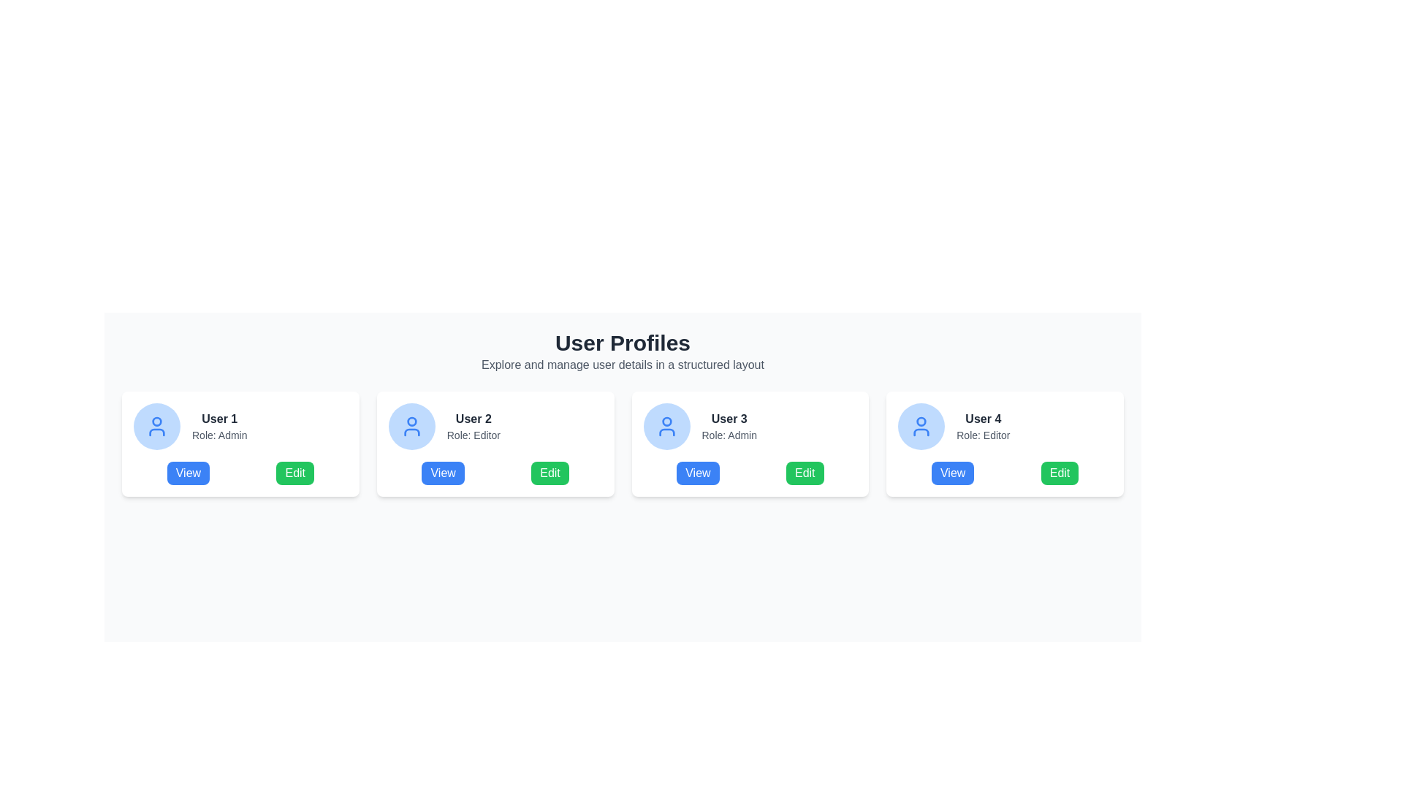 The width and height of the screenshot is (1403, 789). Describe the element at coordinates (218, 419) in the screenshot. I see `the text label displaying 'User 1' with bold dark gray font styling, which is located above the subtitle 'Role: Admin' within the user card` at that location.